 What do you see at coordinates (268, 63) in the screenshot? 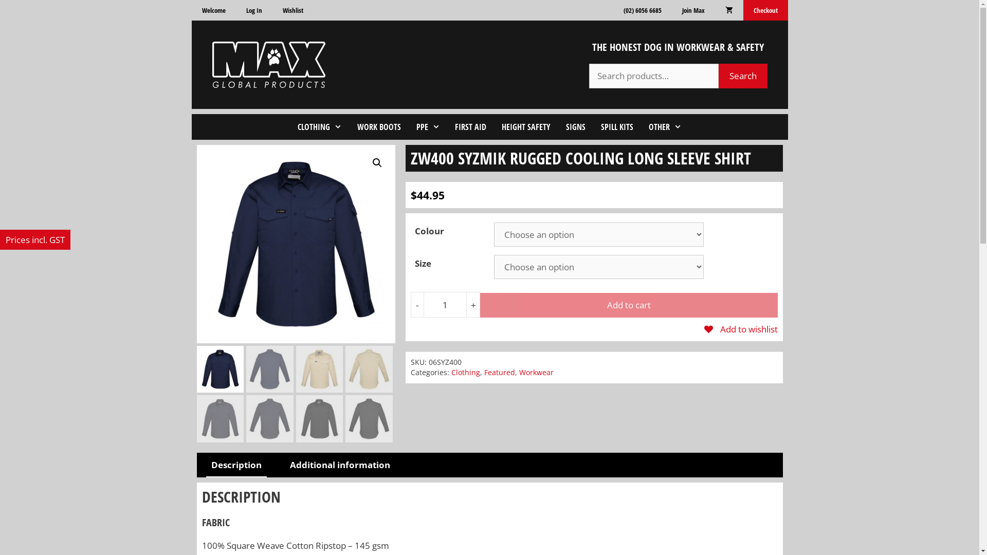
I see `'Max Global Products'` at bounding box center [268, 63].